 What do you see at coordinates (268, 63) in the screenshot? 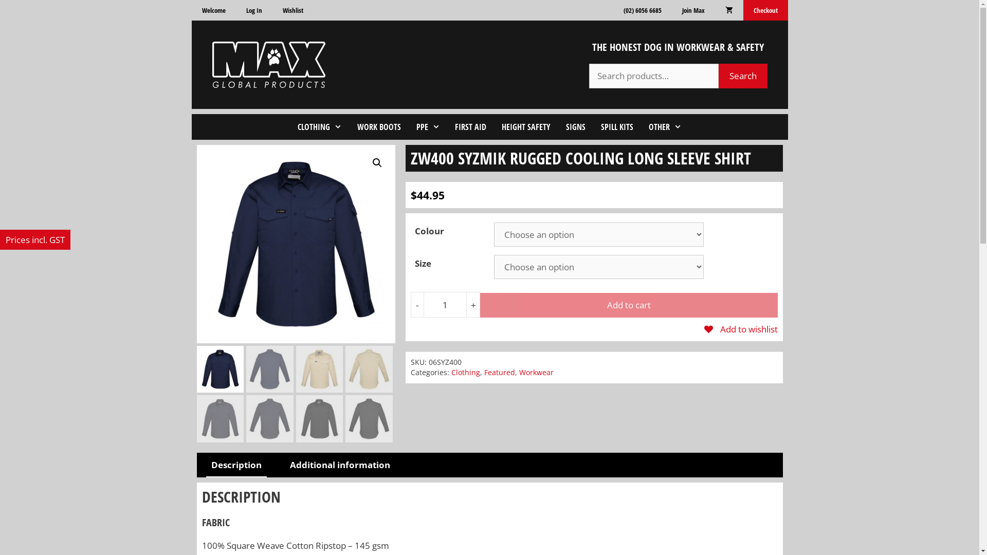
I see `'Max Global Products'` at bounding box center [268, 63].